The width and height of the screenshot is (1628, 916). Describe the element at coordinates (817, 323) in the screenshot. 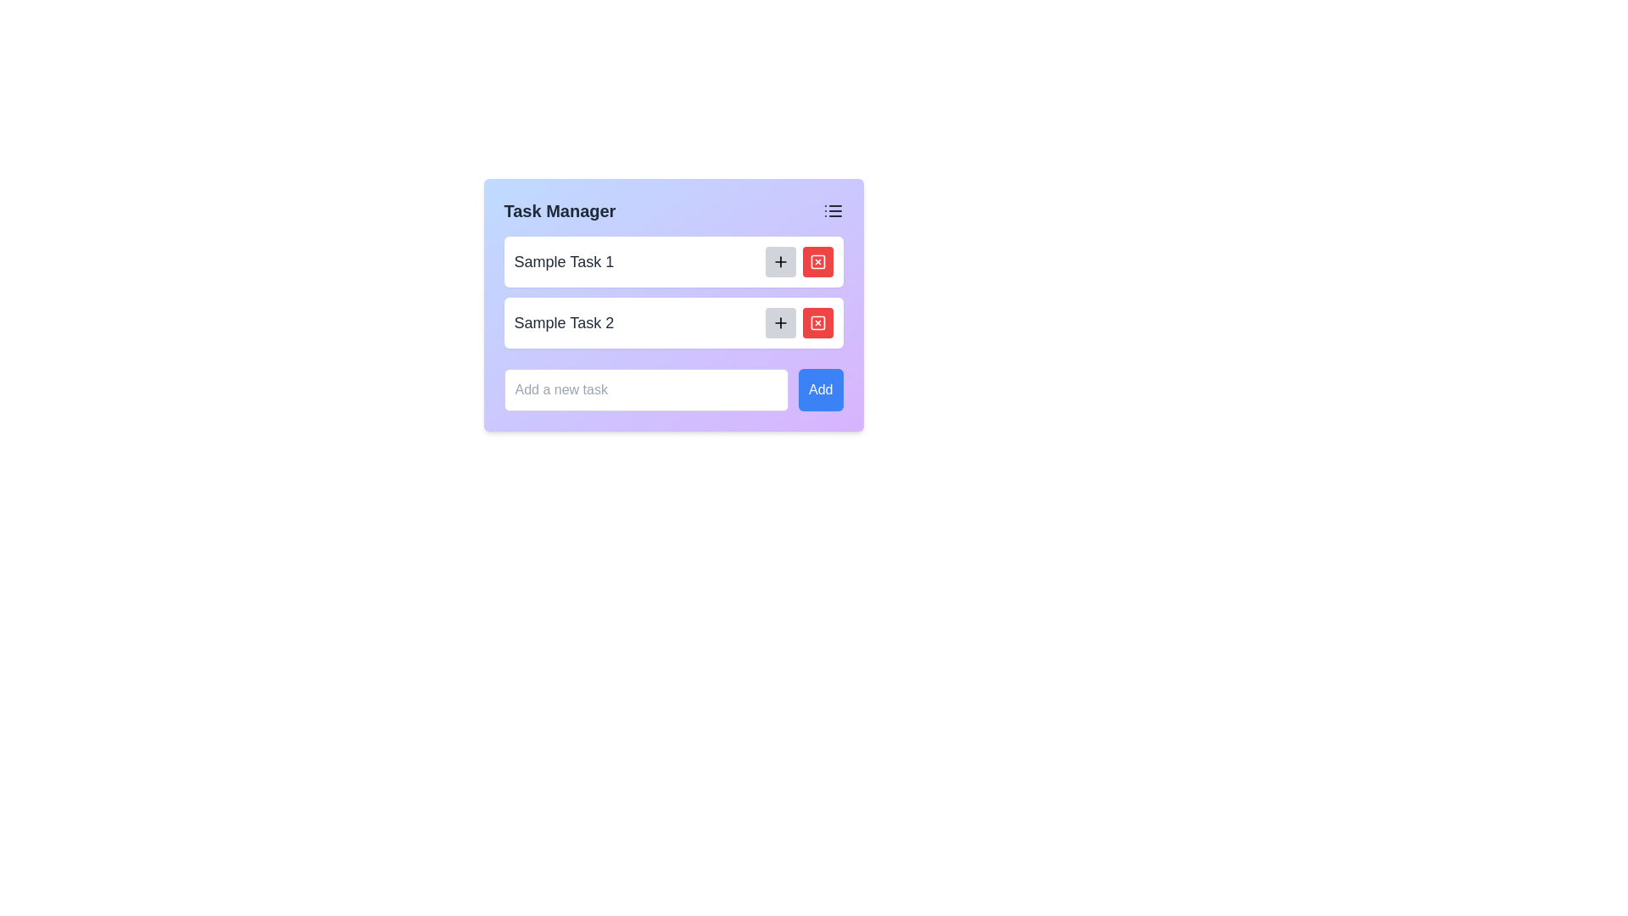

I see `the red rectangular button with a white X icon located after the plus icon button in the horizontal layout` at that location.